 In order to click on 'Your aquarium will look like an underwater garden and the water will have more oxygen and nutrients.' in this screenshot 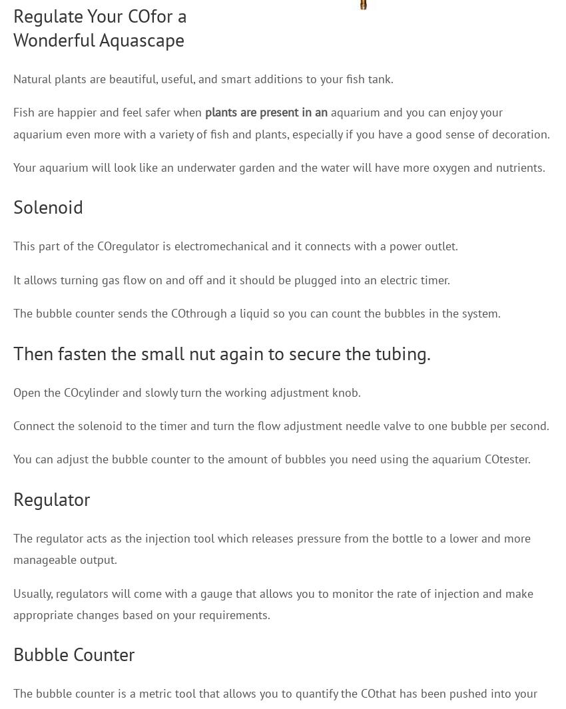, I will do `click(279, 166)`.